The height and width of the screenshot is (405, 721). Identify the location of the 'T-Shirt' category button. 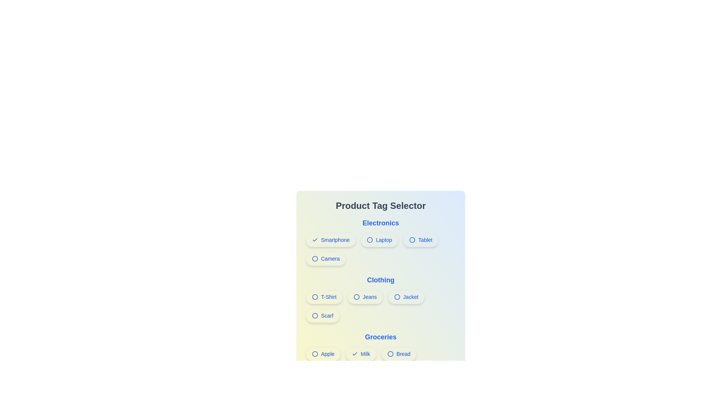
(324, 296).